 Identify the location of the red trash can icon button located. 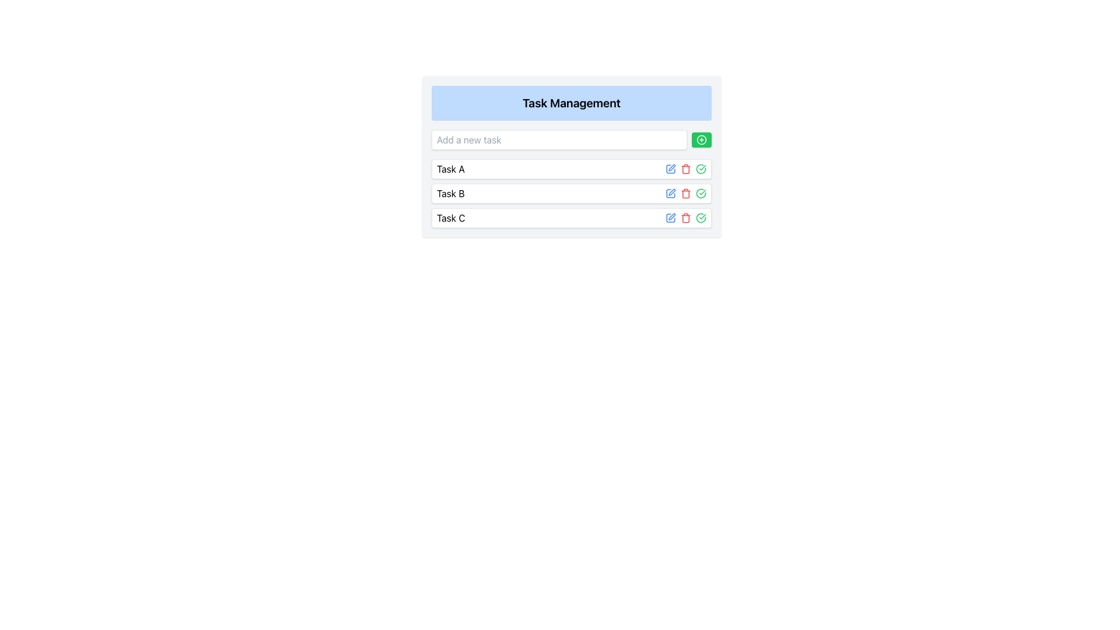
(686, 218).